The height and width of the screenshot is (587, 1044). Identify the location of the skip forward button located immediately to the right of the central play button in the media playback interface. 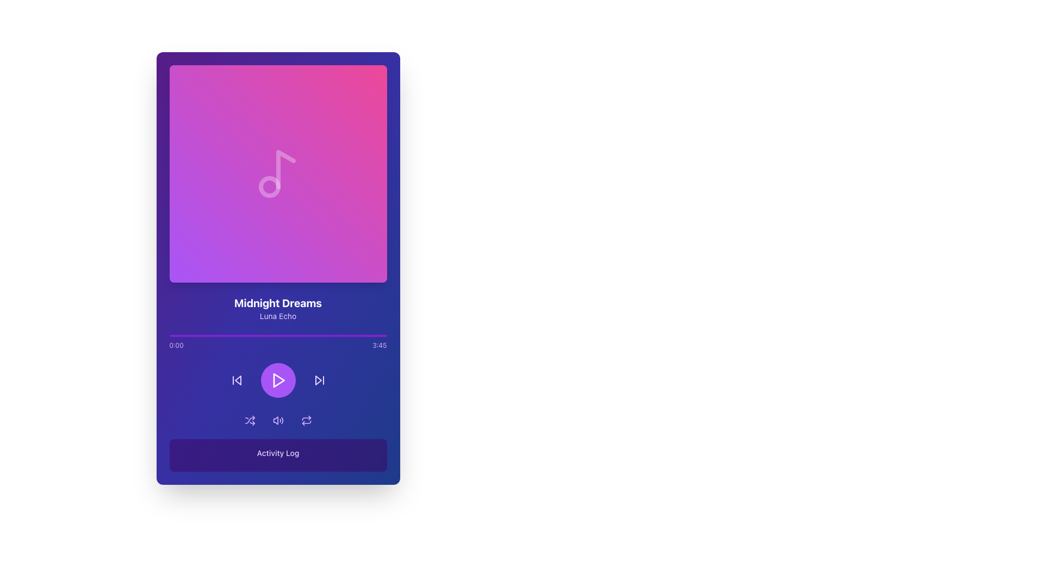
(319, 379).